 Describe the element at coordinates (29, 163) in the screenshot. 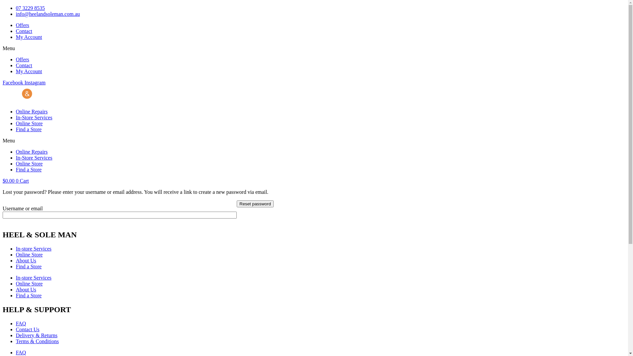

I see `'Online Store'` at that location.